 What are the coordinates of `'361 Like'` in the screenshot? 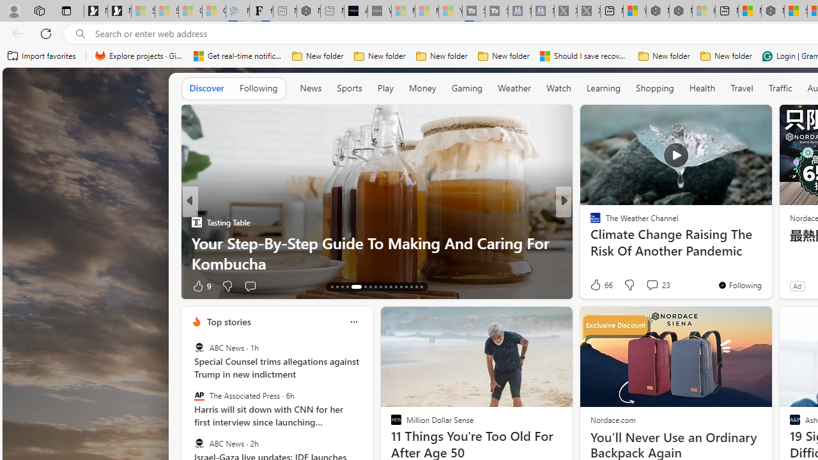 It's located at (598, 285).